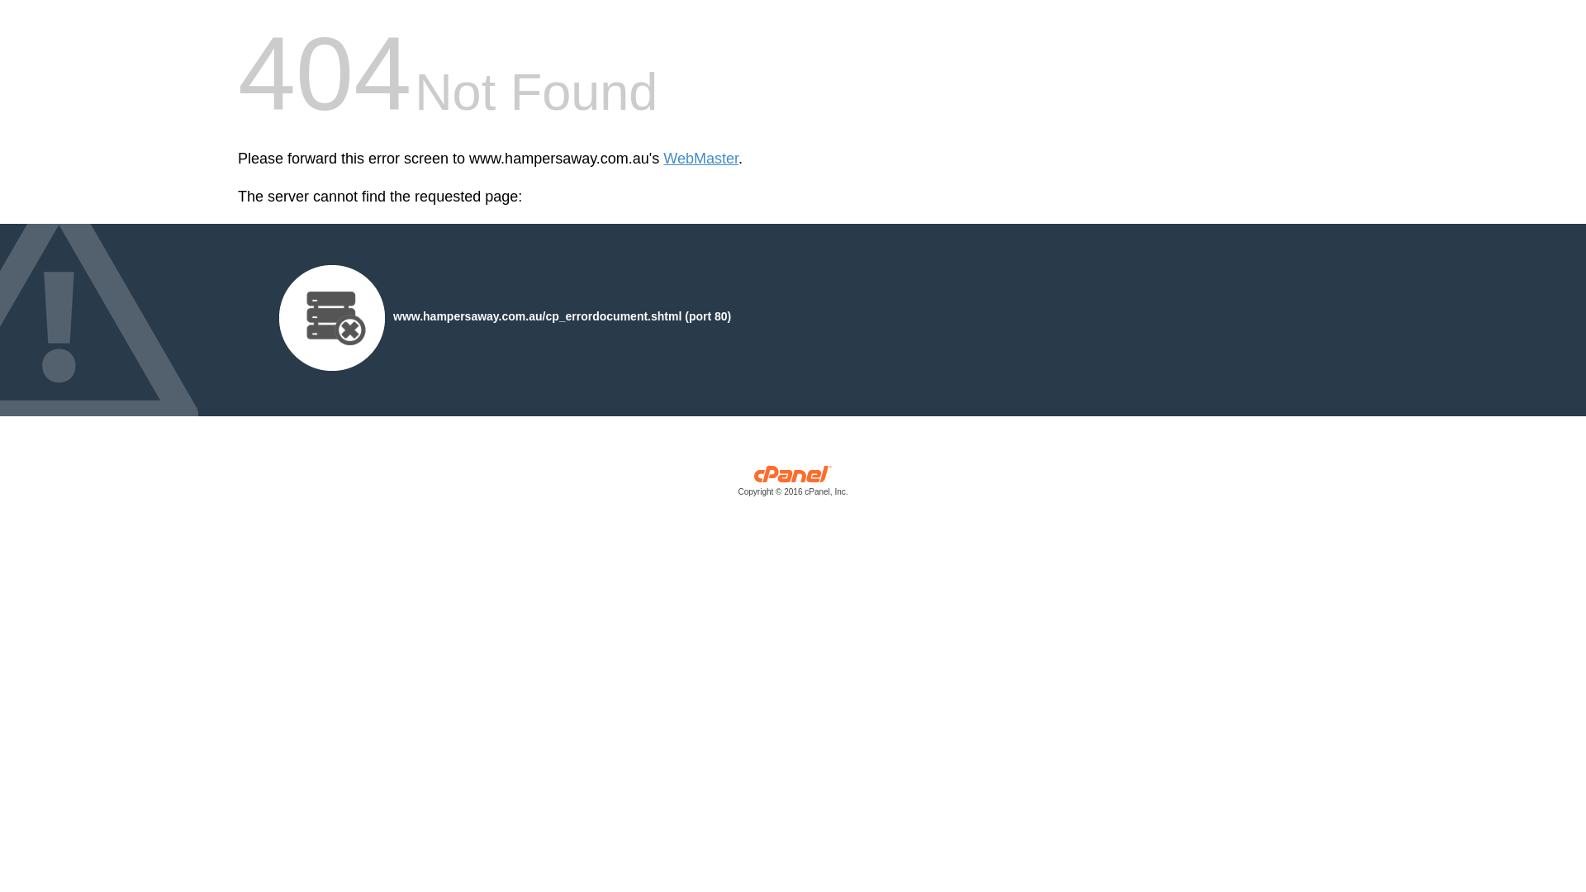 The image size is (1586, 892). I want to click on 'WebMaster', so click(700, 159).